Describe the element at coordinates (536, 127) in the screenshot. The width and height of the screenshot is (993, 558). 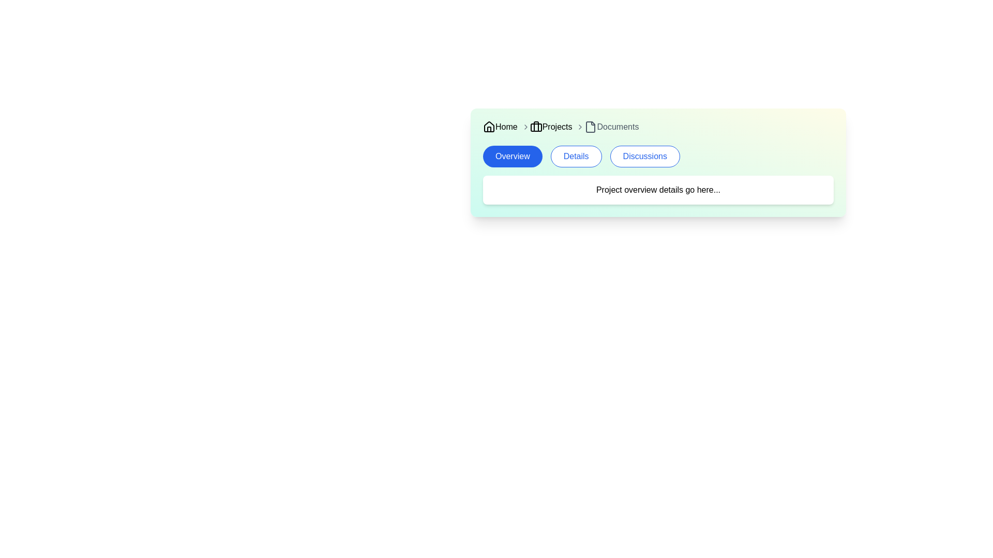
I see `the 'Projects' icon in the breadcrumb navigation, which visually represents the section and is located to the left of the text 'Projects'` at that location.